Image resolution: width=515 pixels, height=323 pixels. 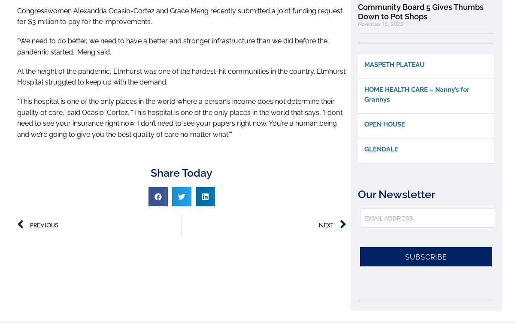 I want to click on 'OPEN HOUSE', so click(x=364, y=124).